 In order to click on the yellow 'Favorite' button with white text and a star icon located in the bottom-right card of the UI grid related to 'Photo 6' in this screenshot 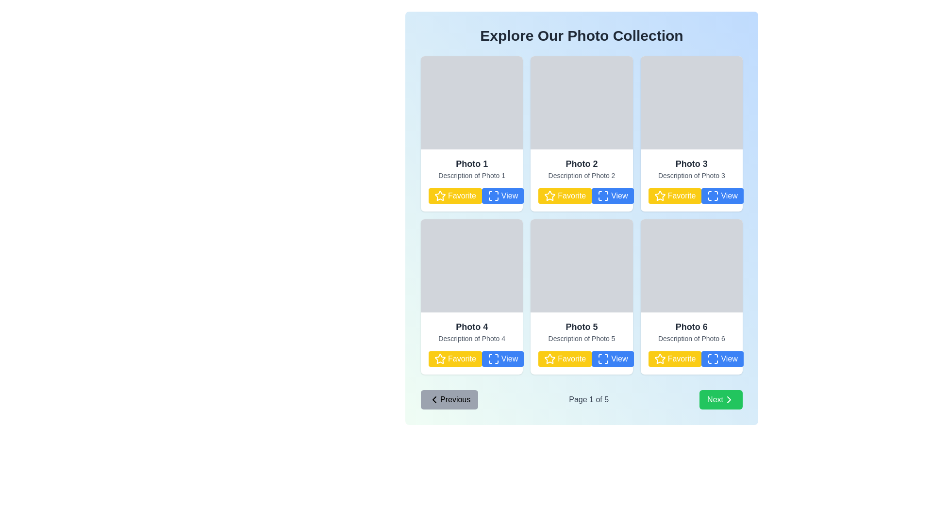, I will do `click(674, 359)`.